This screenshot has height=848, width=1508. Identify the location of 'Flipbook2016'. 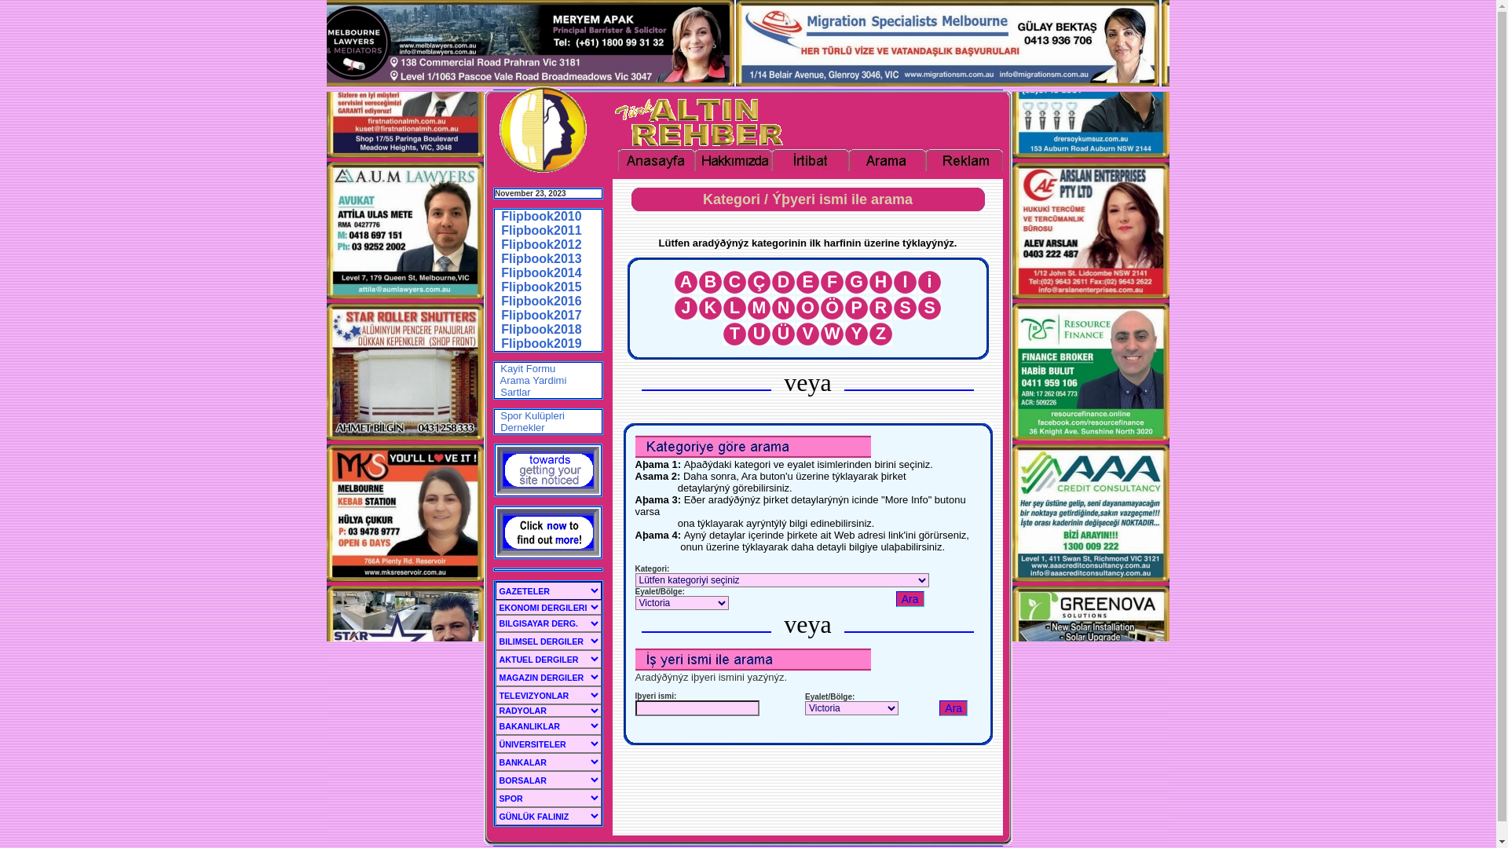
(541, 301).